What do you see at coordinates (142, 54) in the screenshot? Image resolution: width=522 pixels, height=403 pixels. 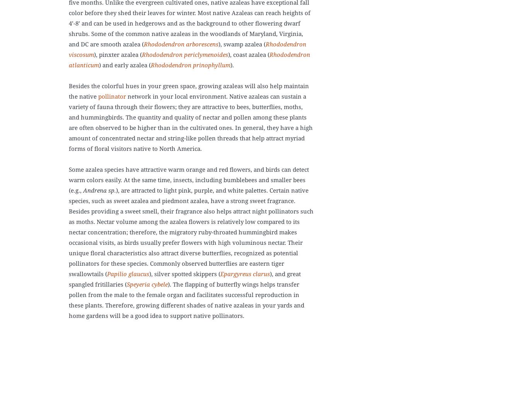 I see `'Rhododendron periclymenoides'` at bounding box center [142, 54].